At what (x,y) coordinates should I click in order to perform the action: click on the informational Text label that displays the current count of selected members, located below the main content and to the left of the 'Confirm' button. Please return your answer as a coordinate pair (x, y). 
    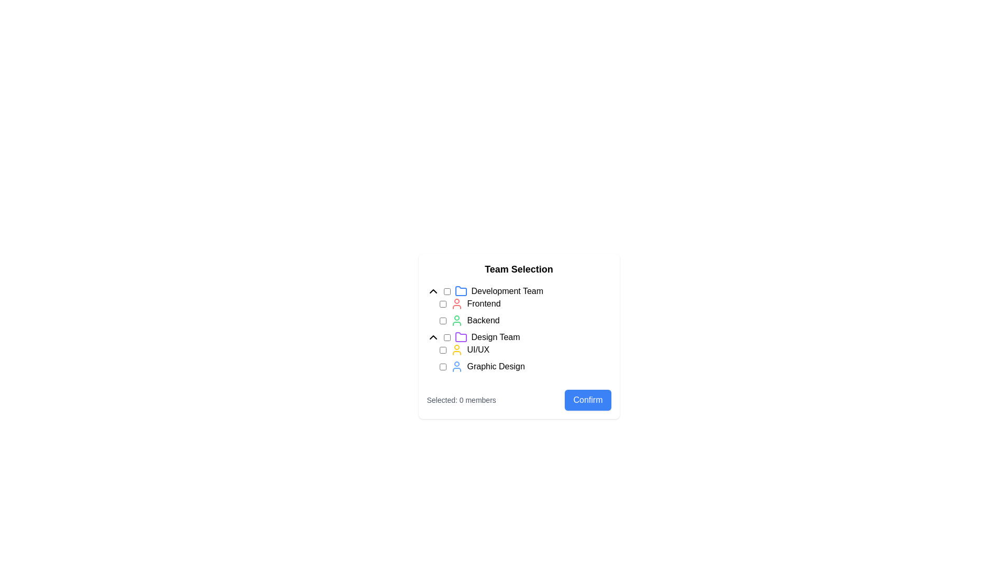
    Looking at the image, I should click on (461, 400).